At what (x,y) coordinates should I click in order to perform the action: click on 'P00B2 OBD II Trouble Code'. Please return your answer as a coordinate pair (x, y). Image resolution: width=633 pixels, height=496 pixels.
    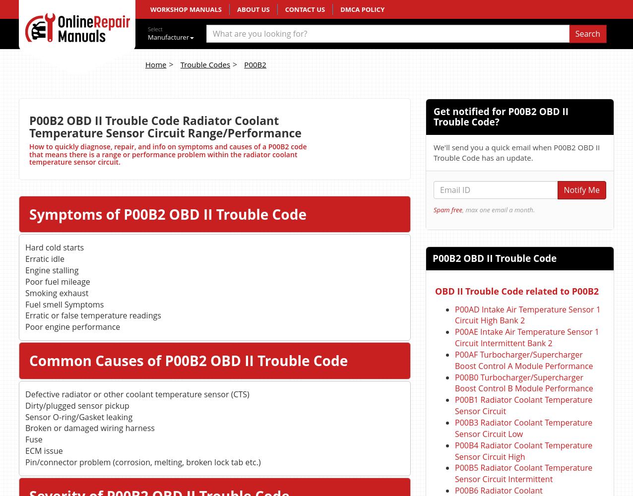
    Looking at the image, I should click on (494, 258).